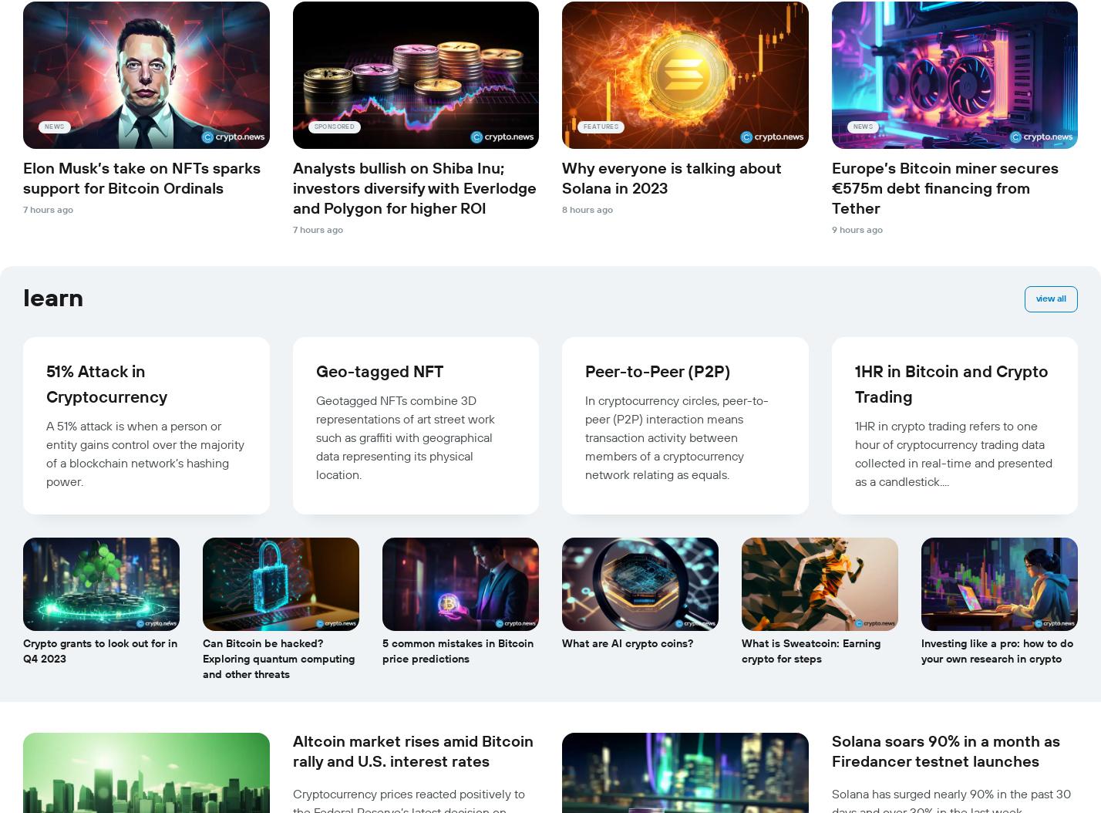 This screenshot has width=1101, height=813. I want to click on 'Sponsored', so click(333, 126).